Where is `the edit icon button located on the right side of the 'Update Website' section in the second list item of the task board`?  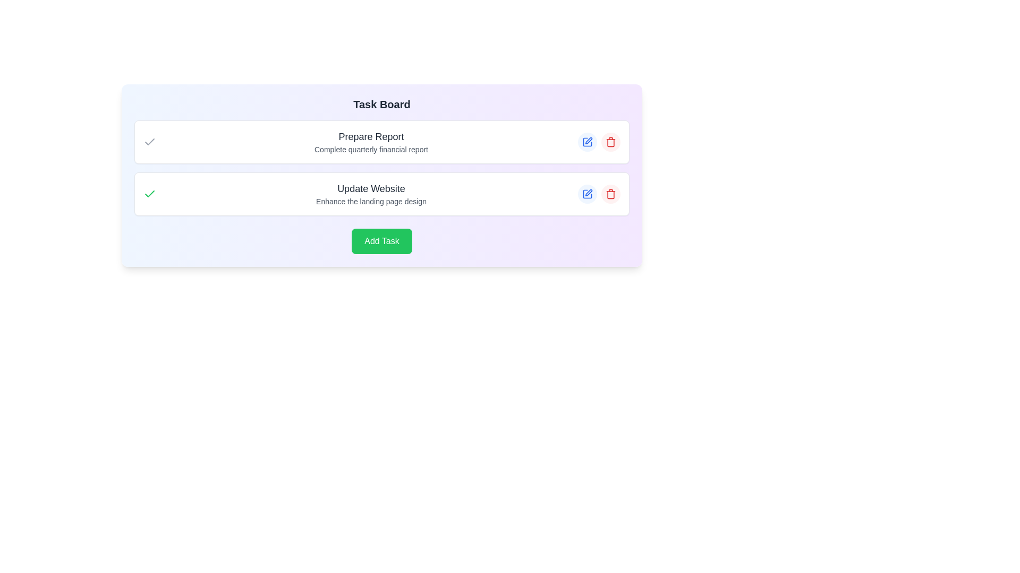
the edit icon button located on the right side of the 'Update Website' section in the second list item of the task board is located at coordinates (586, 194).